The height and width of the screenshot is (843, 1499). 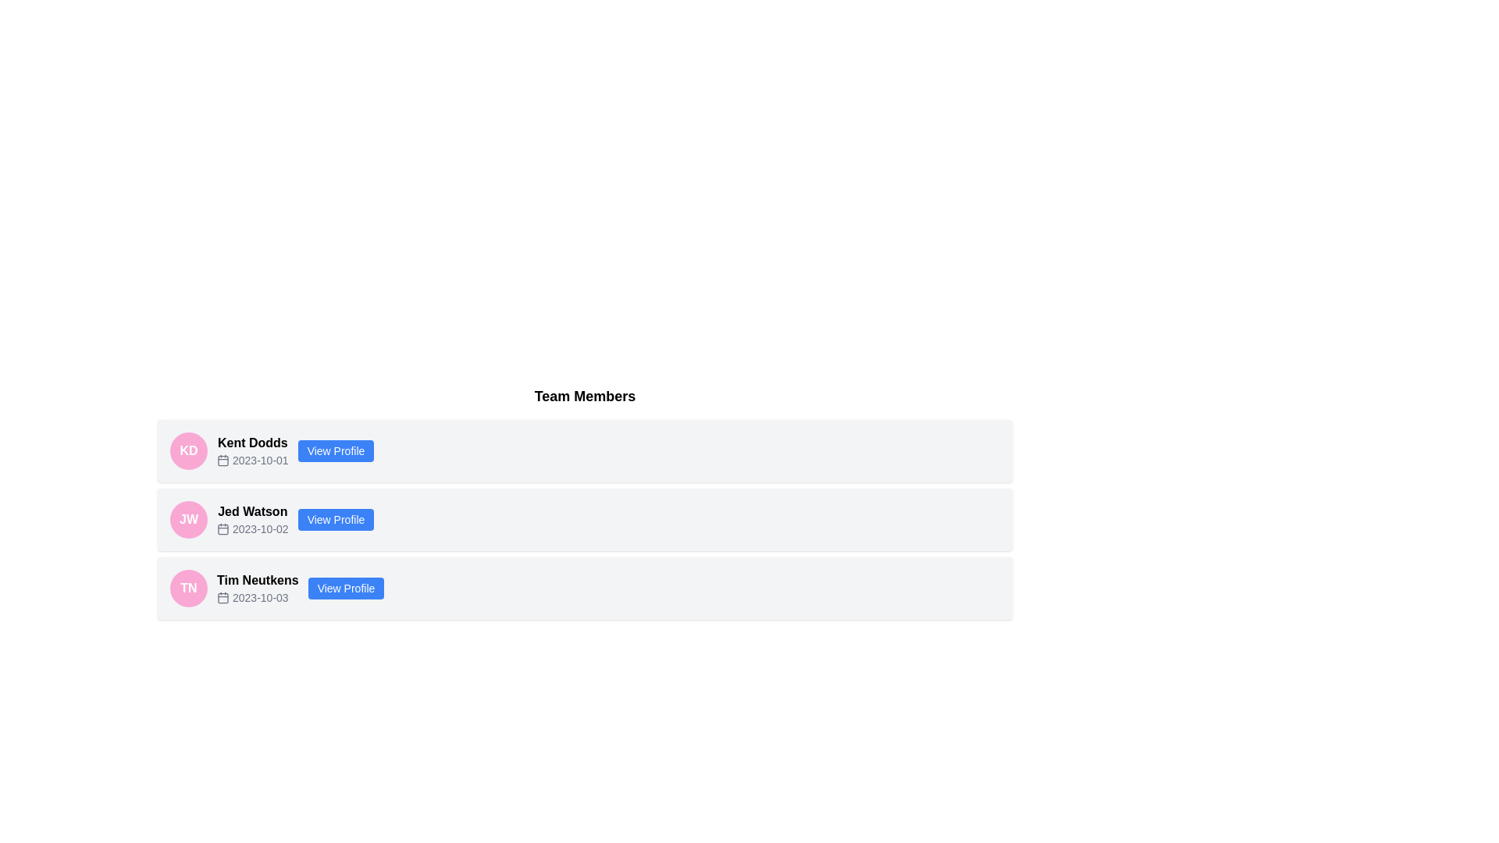 What do you see at coordinates (223, 460) in the screenshot?
I see `the calendar icon, which is a minimalistic design located to the left of the date '2023-10-01' in the first row of team members` at bounding box center [223, 460].